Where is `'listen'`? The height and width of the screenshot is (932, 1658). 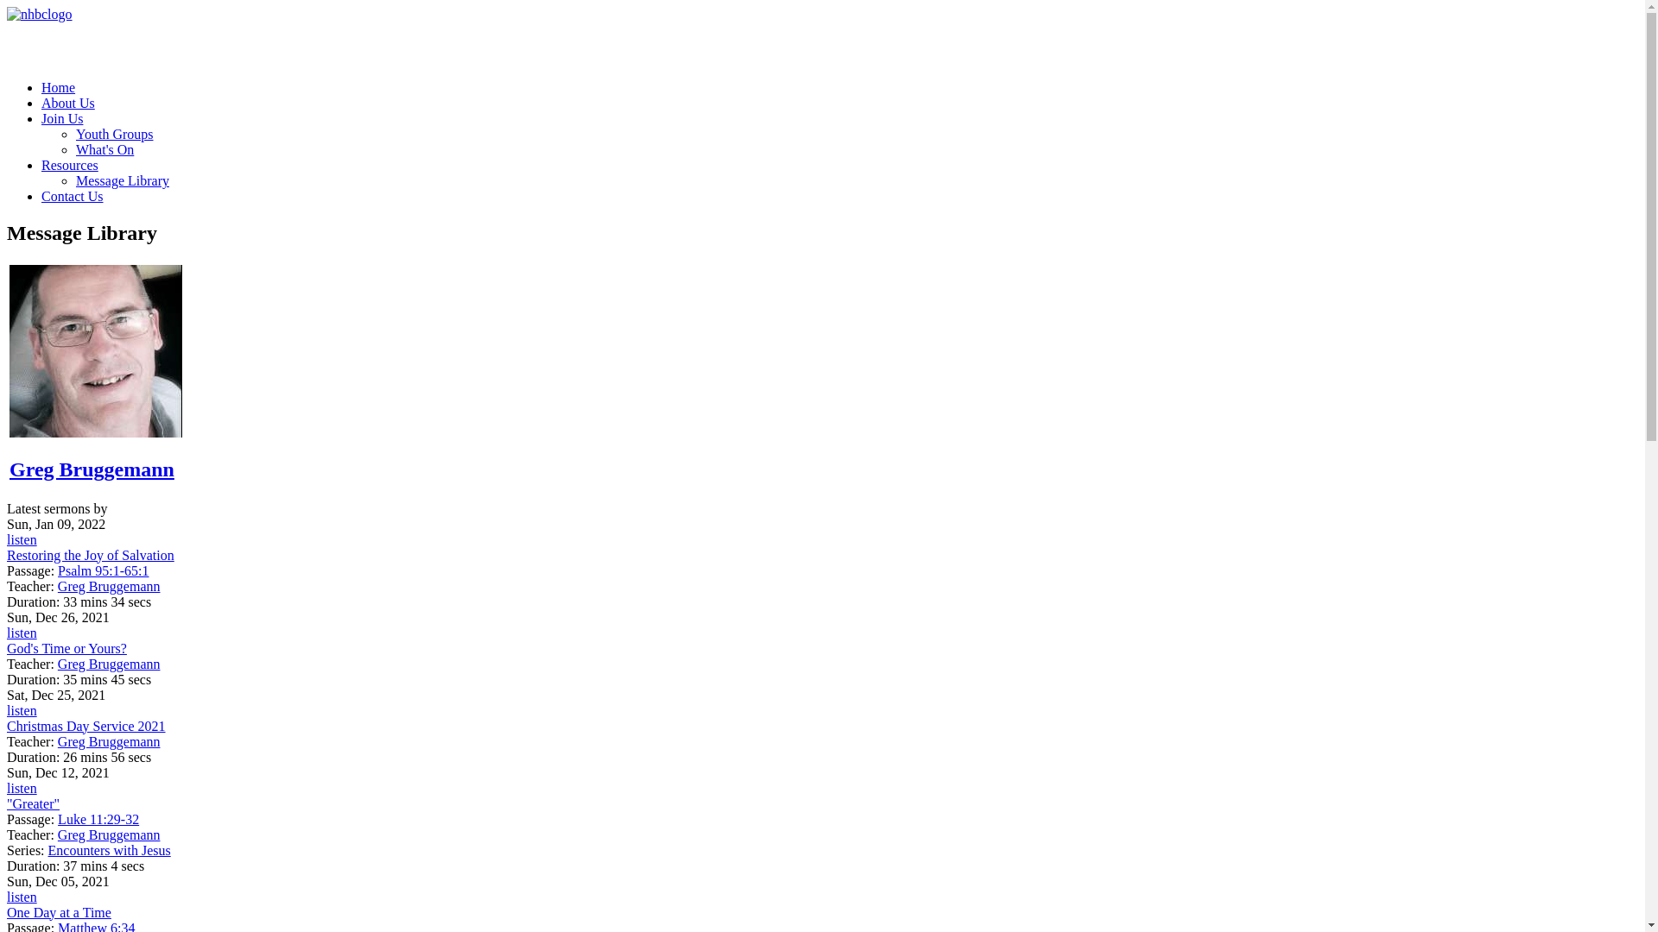 'listen' is located at coordinates (7, 896).